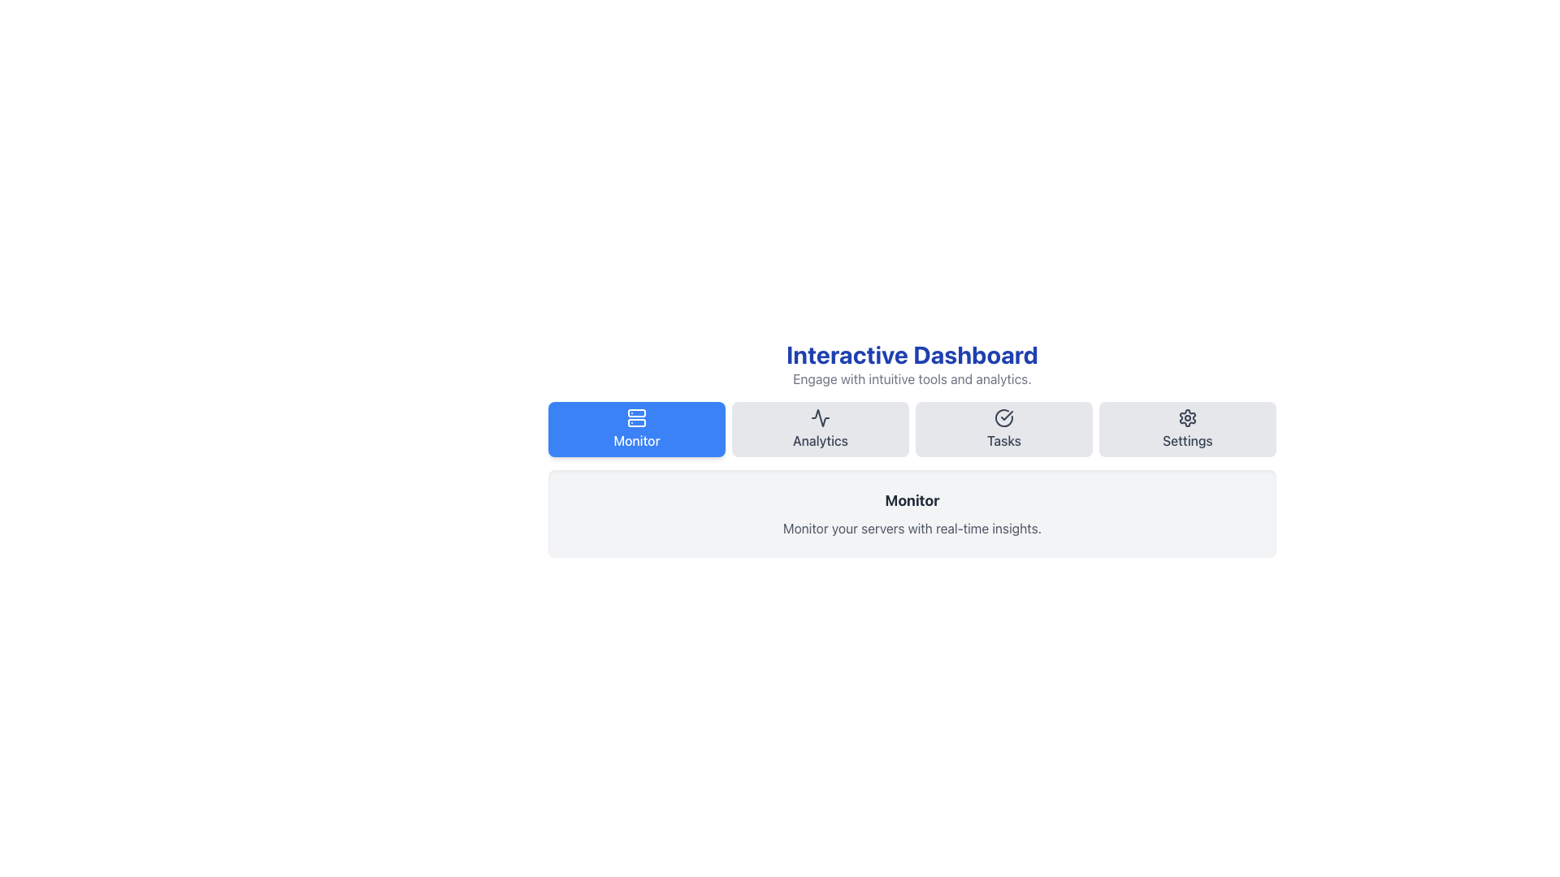  What do you see at coordinates (635, 428) in the screenshot?
I see `the first interactive button located beneath the 'Interactive Dashboard' title` at bounding box center [635, 428].